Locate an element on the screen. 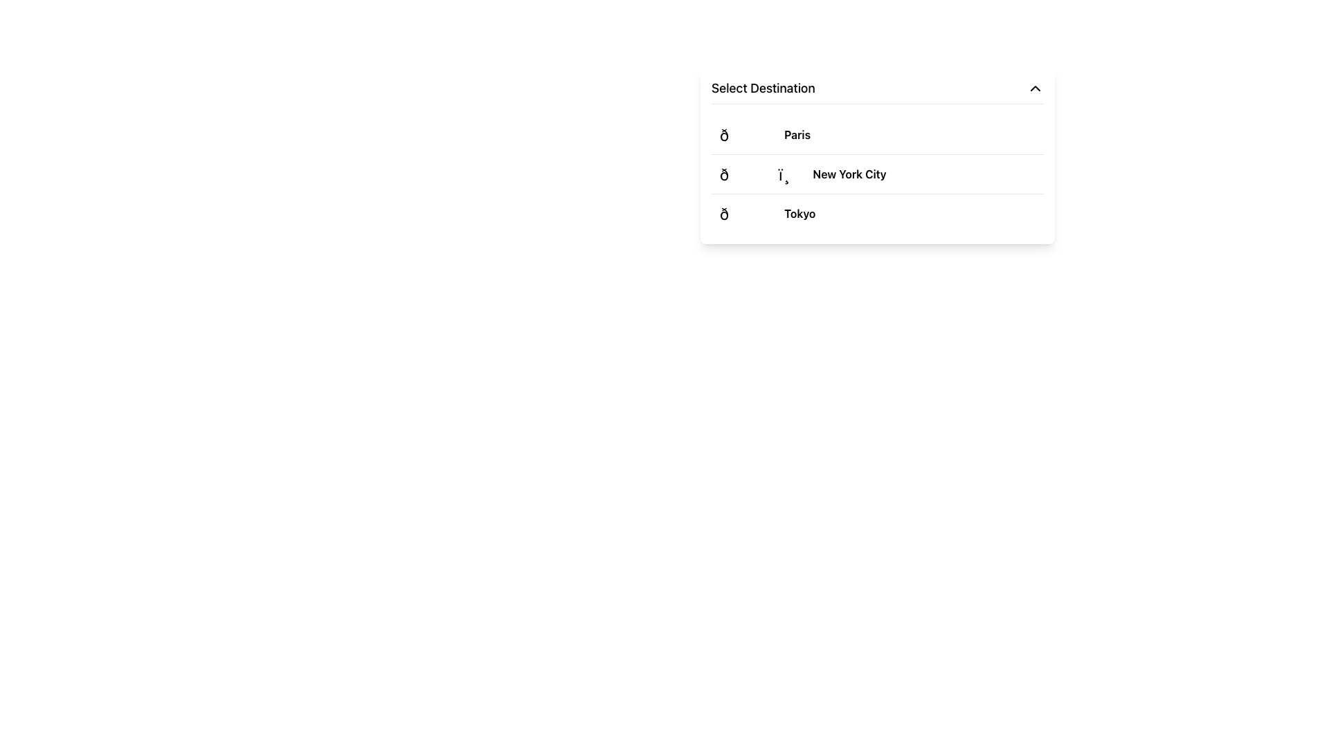  the 'New York City' text label in the dropdown menu is located at coordinates (849, 173).